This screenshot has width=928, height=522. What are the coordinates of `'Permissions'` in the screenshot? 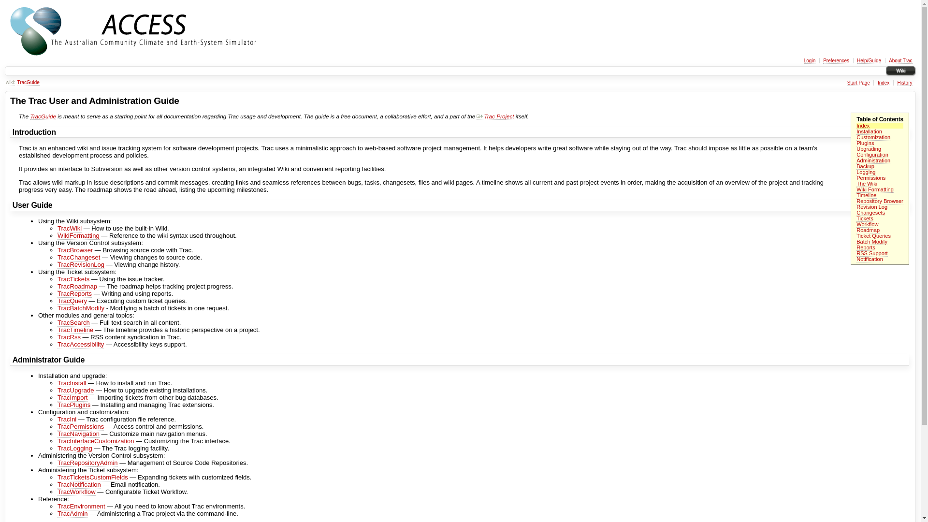 It's located at (870, 178).